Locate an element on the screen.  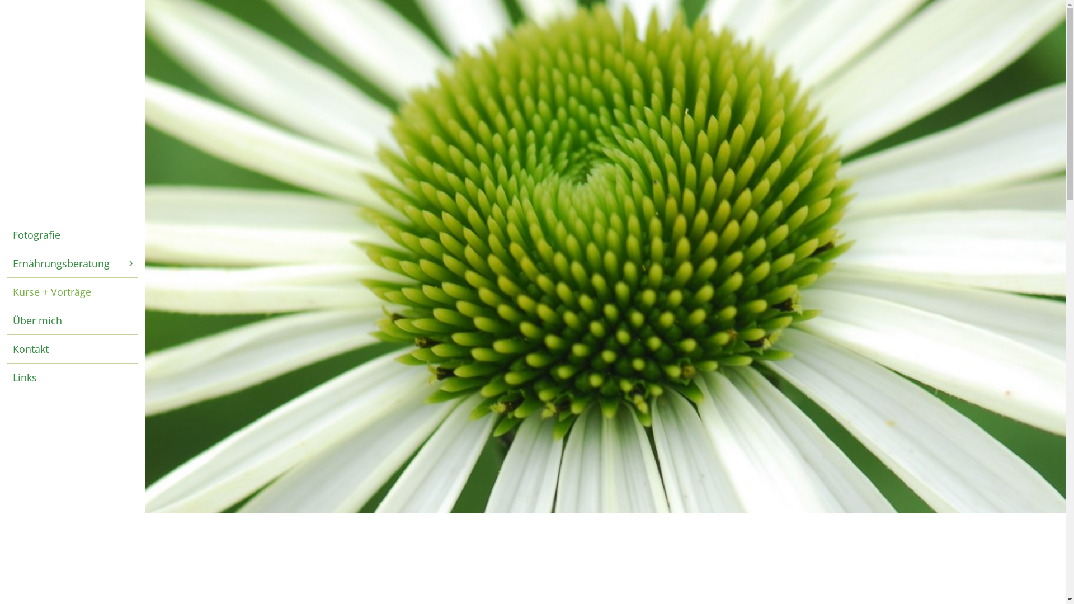
'Links' is located at coordinates (72, 377).